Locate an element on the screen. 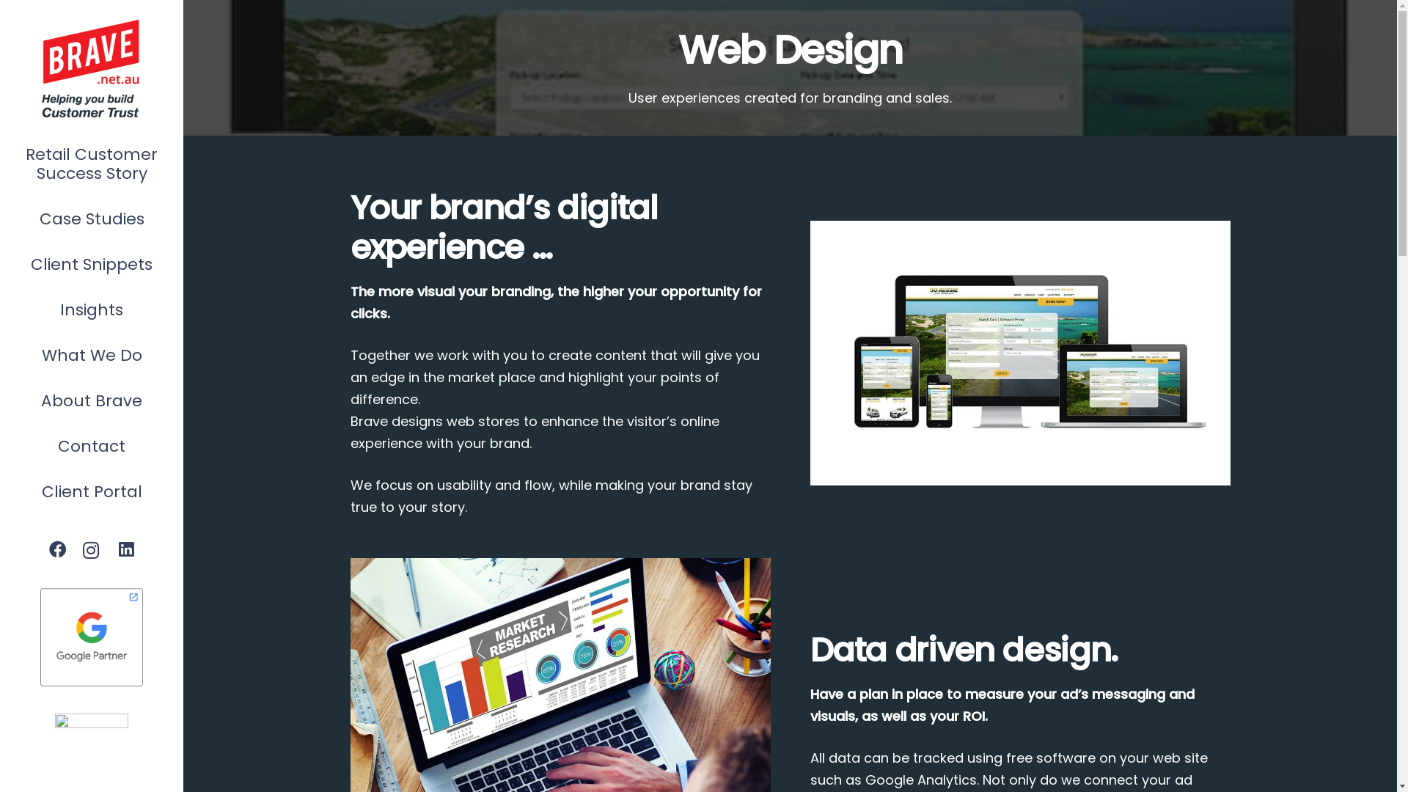  'Facebook' is located at coordinates (57, 550).